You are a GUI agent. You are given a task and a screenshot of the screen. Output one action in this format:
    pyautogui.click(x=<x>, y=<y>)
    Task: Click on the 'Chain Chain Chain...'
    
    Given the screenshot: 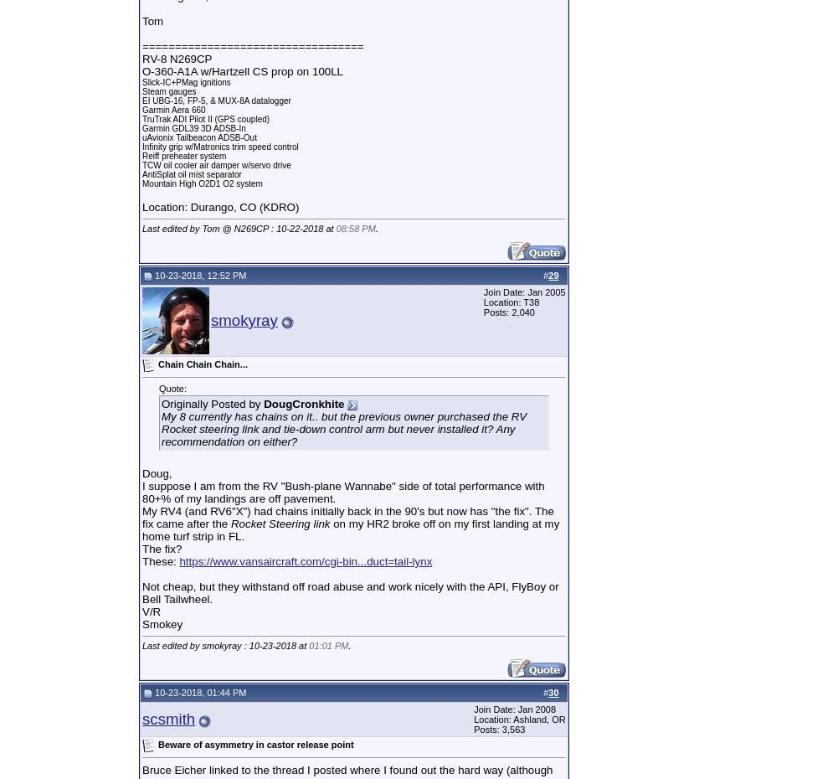 What is the action you would take?
    pyautogui.click(x=157, y=364)
    